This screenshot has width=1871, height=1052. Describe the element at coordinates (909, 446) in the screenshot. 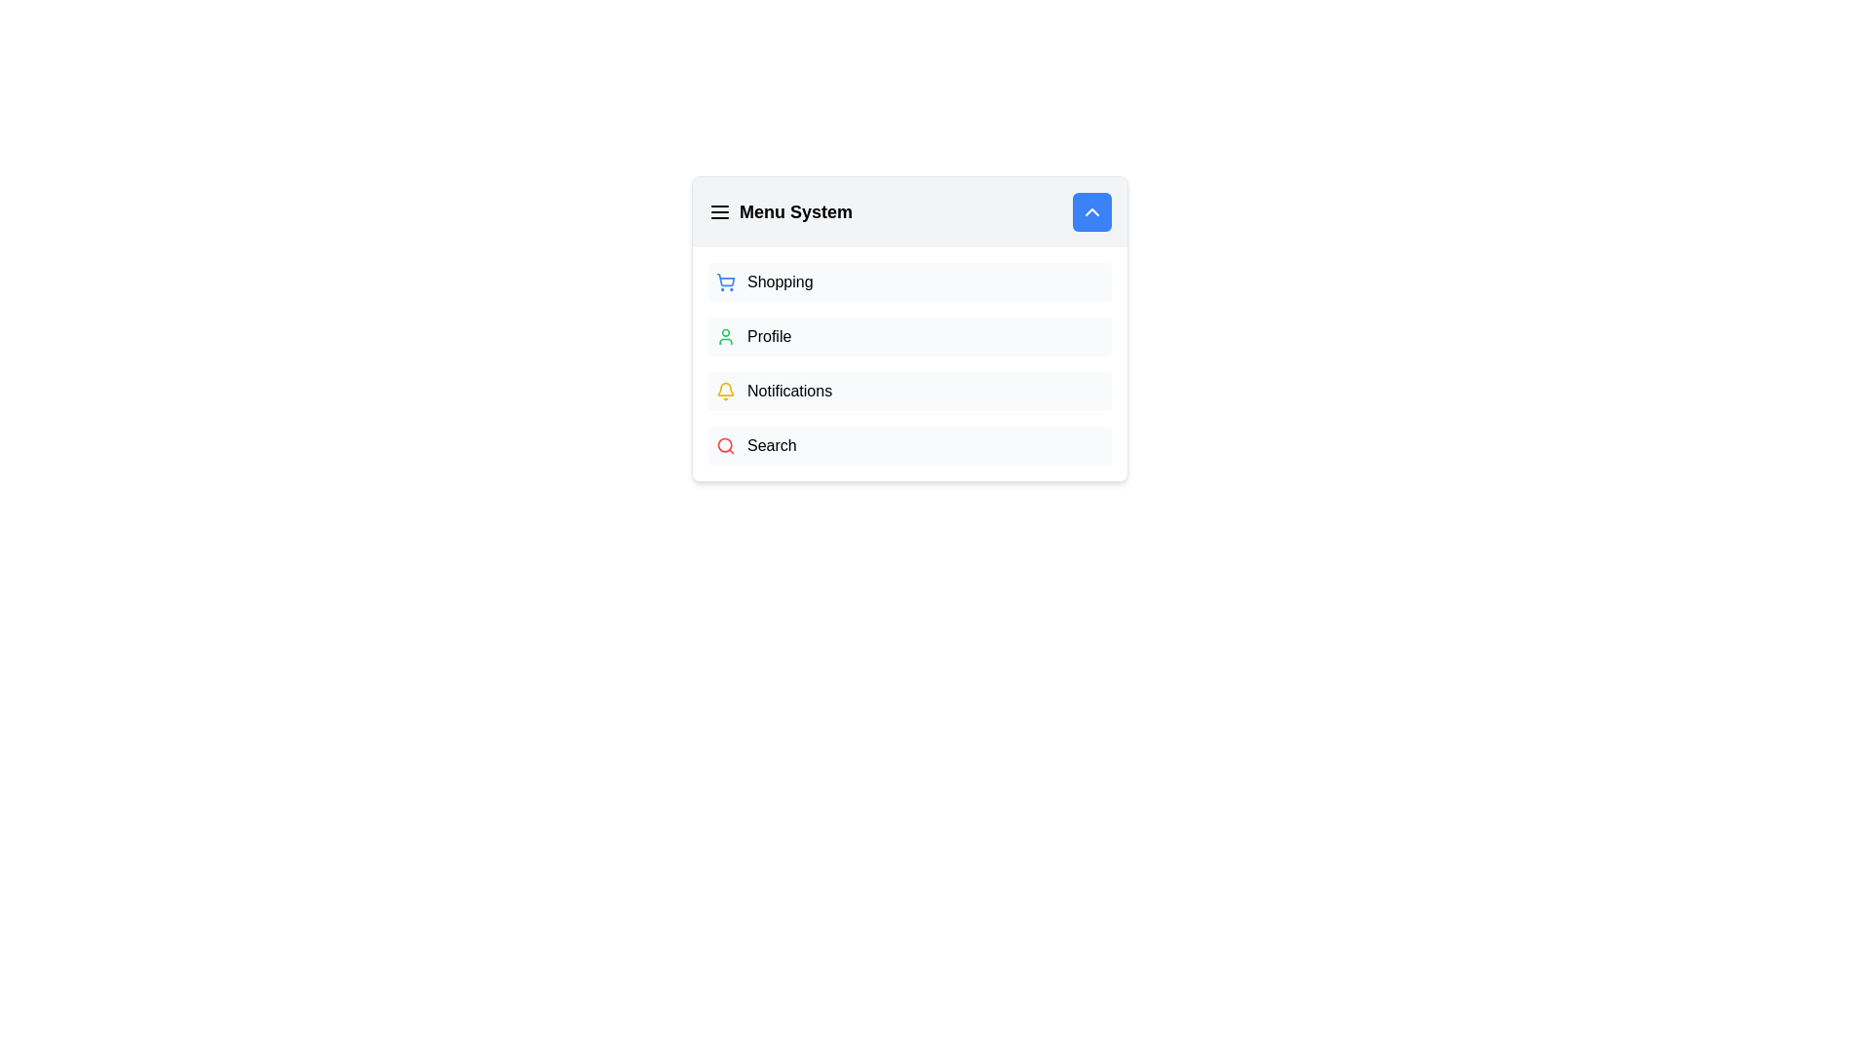

I see `the compact rectangular 'Search' button with a light gray background and a red magnifying glass icon, located as the fourth item in the vertical menu list beneath the 'Notifications' button` at that location.